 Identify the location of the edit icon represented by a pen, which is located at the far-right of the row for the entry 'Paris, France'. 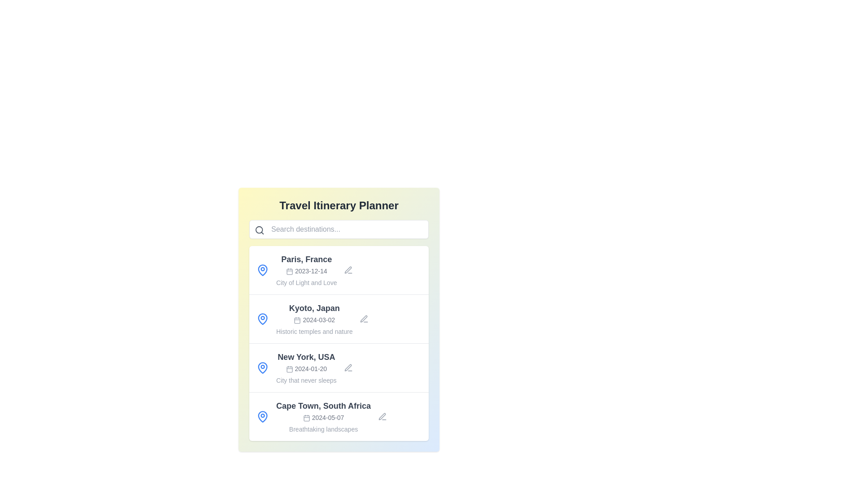
(364, 318).